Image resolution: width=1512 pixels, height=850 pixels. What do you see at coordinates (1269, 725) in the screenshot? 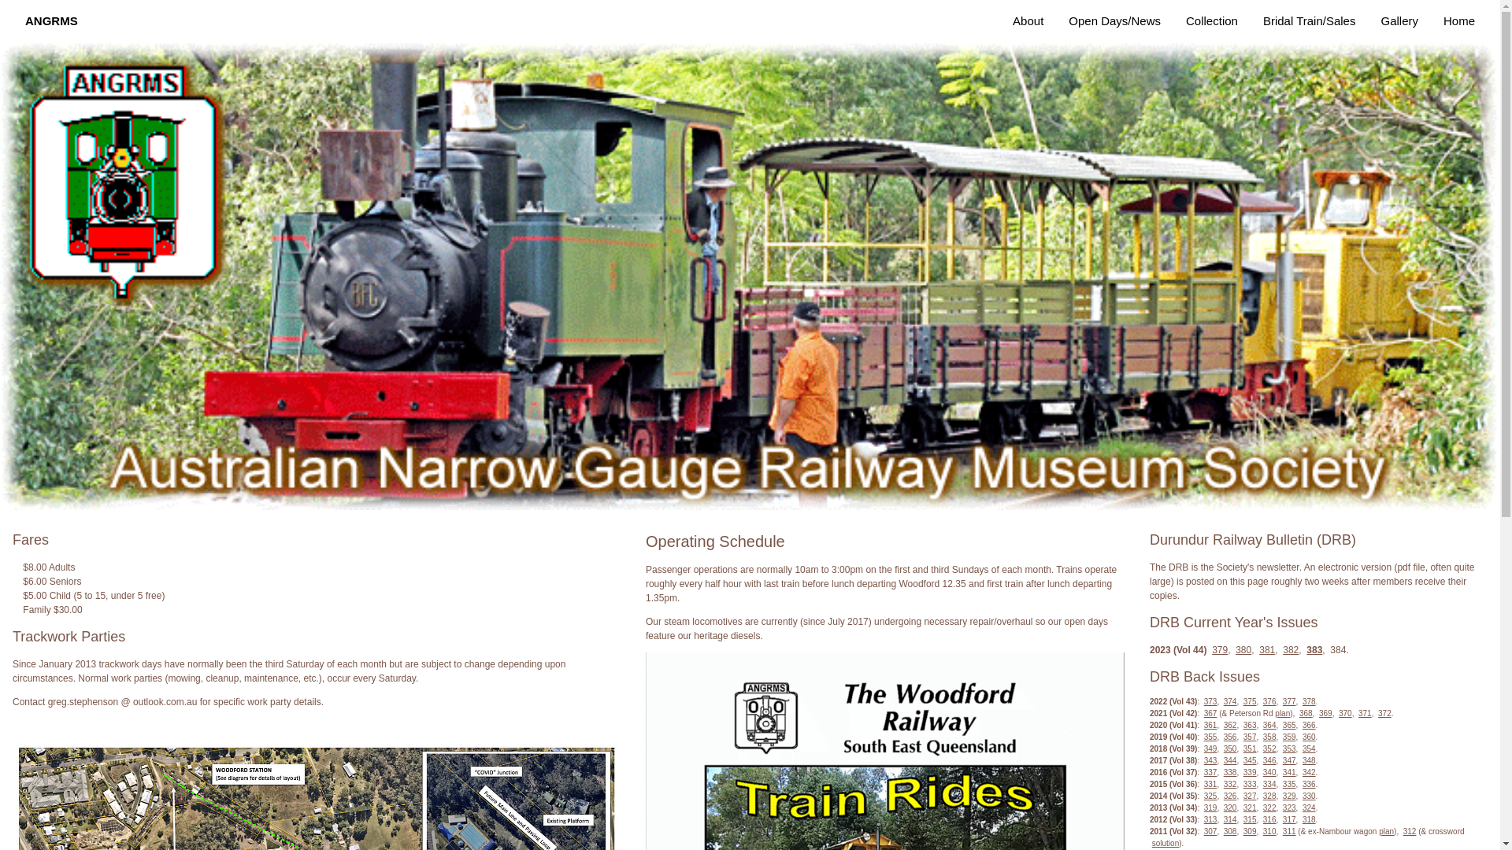
I see `'364'` at bounding box center [1269, 725].